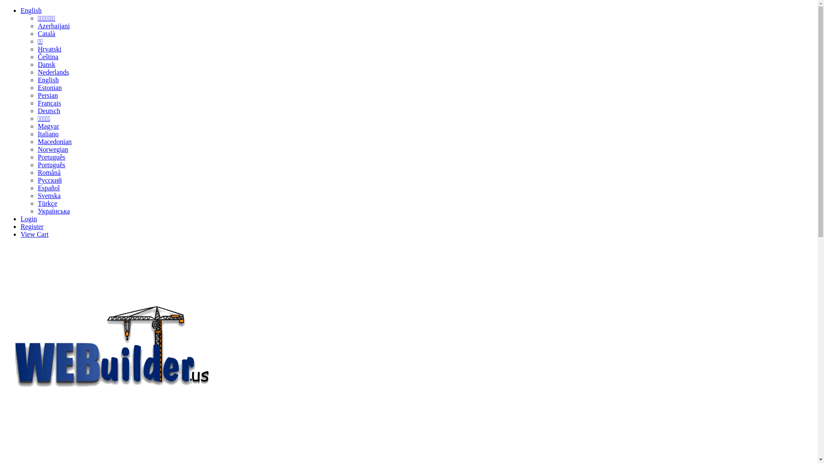  Describe the element at coordinates (37, 64) in the screenshot. I see `'Dansk'` at that location.